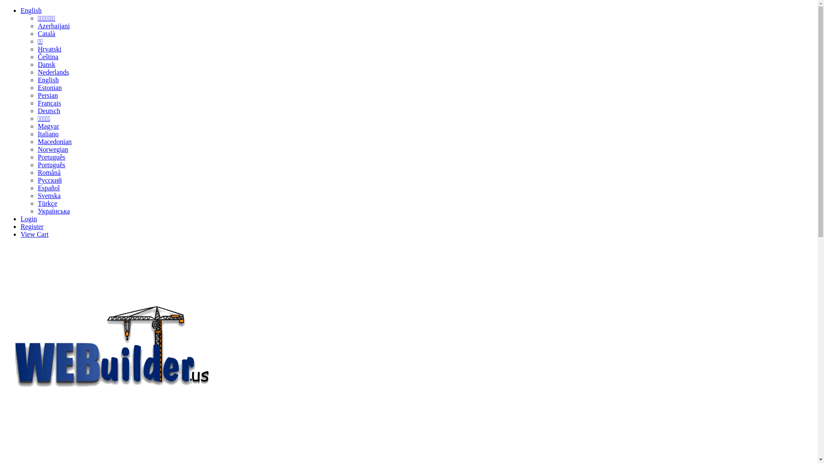  Describe the element at coordinates (37, 64) in the screenshot. I see `'Dansk'` at that location.